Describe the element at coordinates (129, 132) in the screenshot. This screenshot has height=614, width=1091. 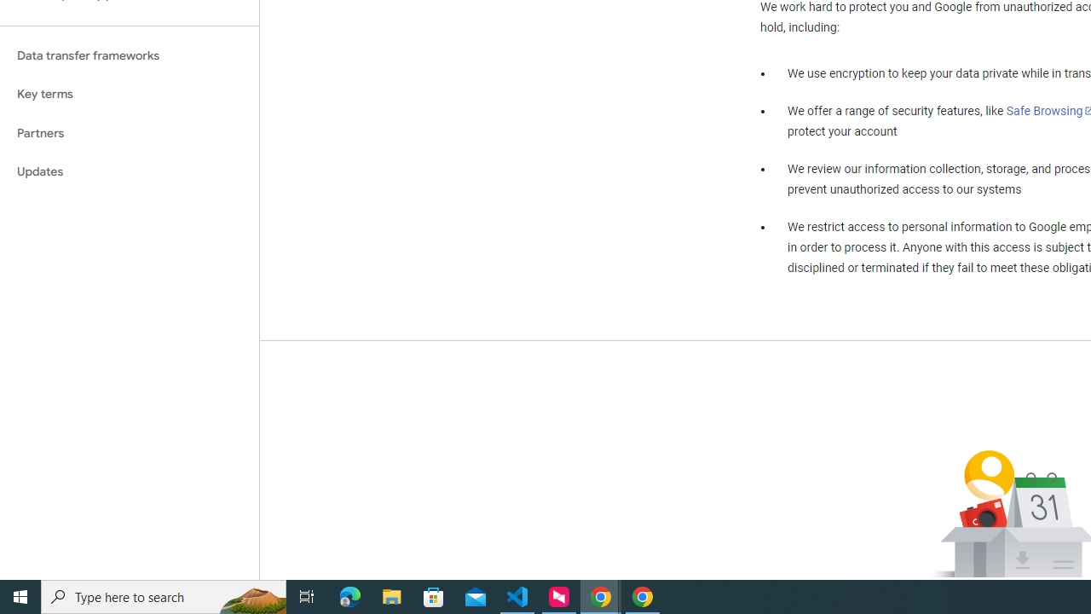
I see `'Partners'` at that location.